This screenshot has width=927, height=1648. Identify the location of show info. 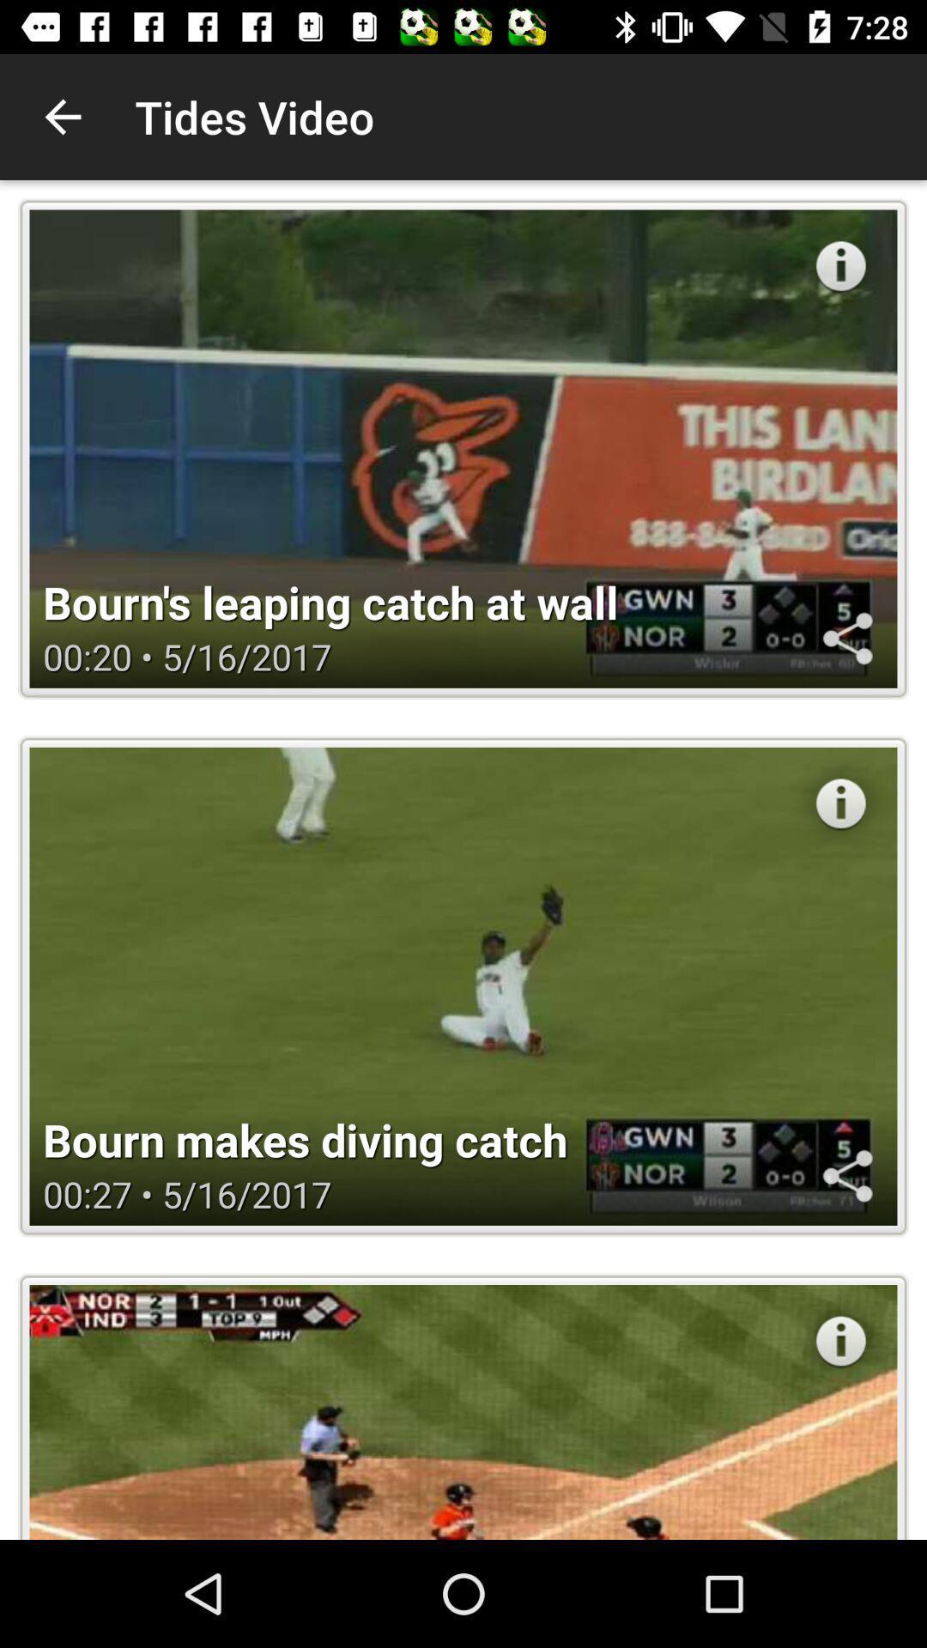
(839, 265).